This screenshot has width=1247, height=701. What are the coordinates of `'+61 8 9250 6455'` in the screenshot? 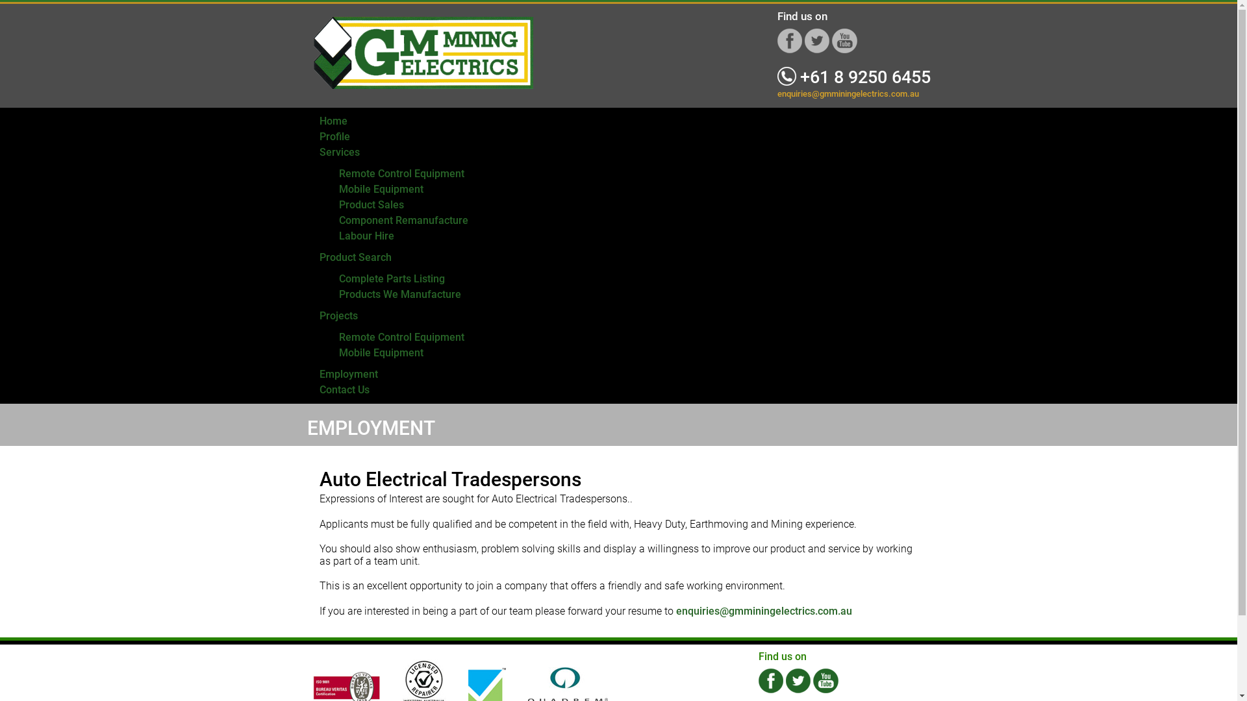 It's located at (853, 77).